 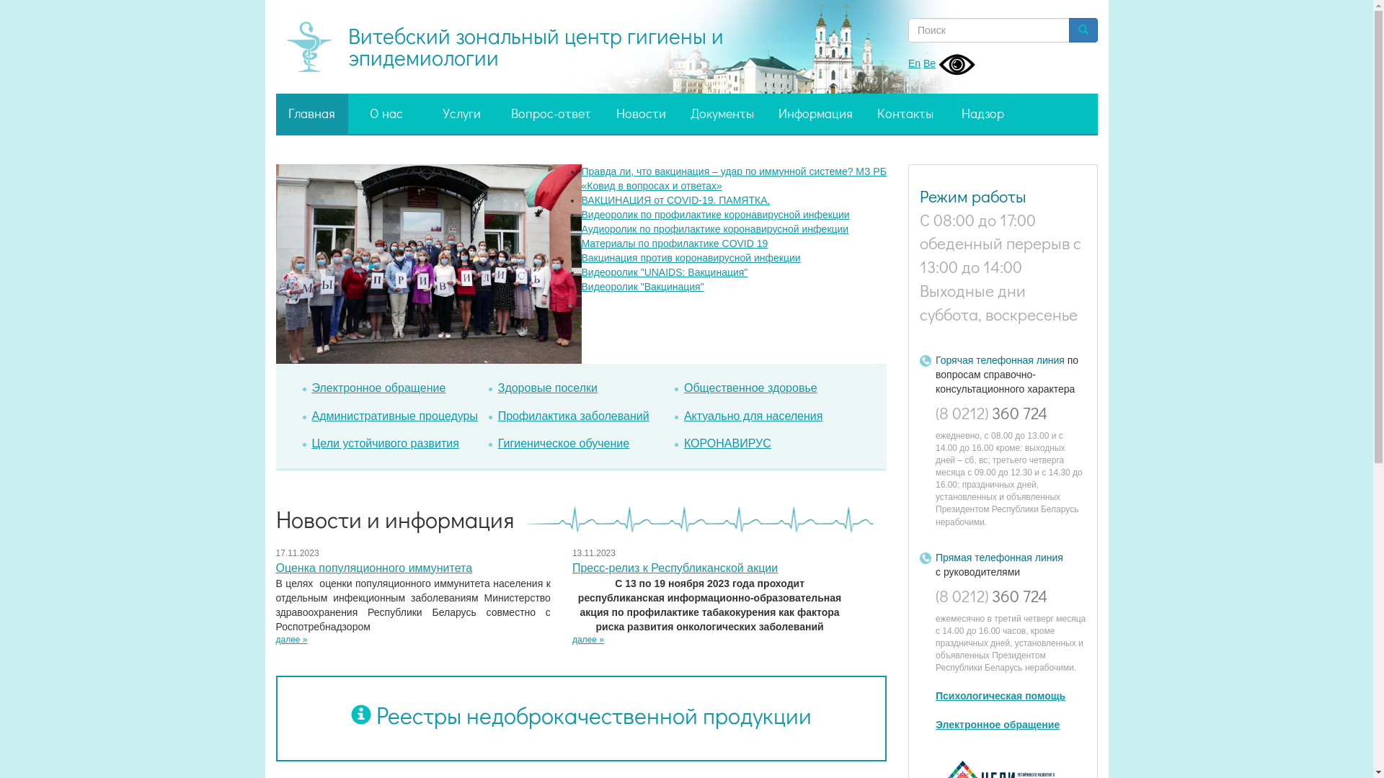 I want to click on 'En', so click(x=913, y=63).